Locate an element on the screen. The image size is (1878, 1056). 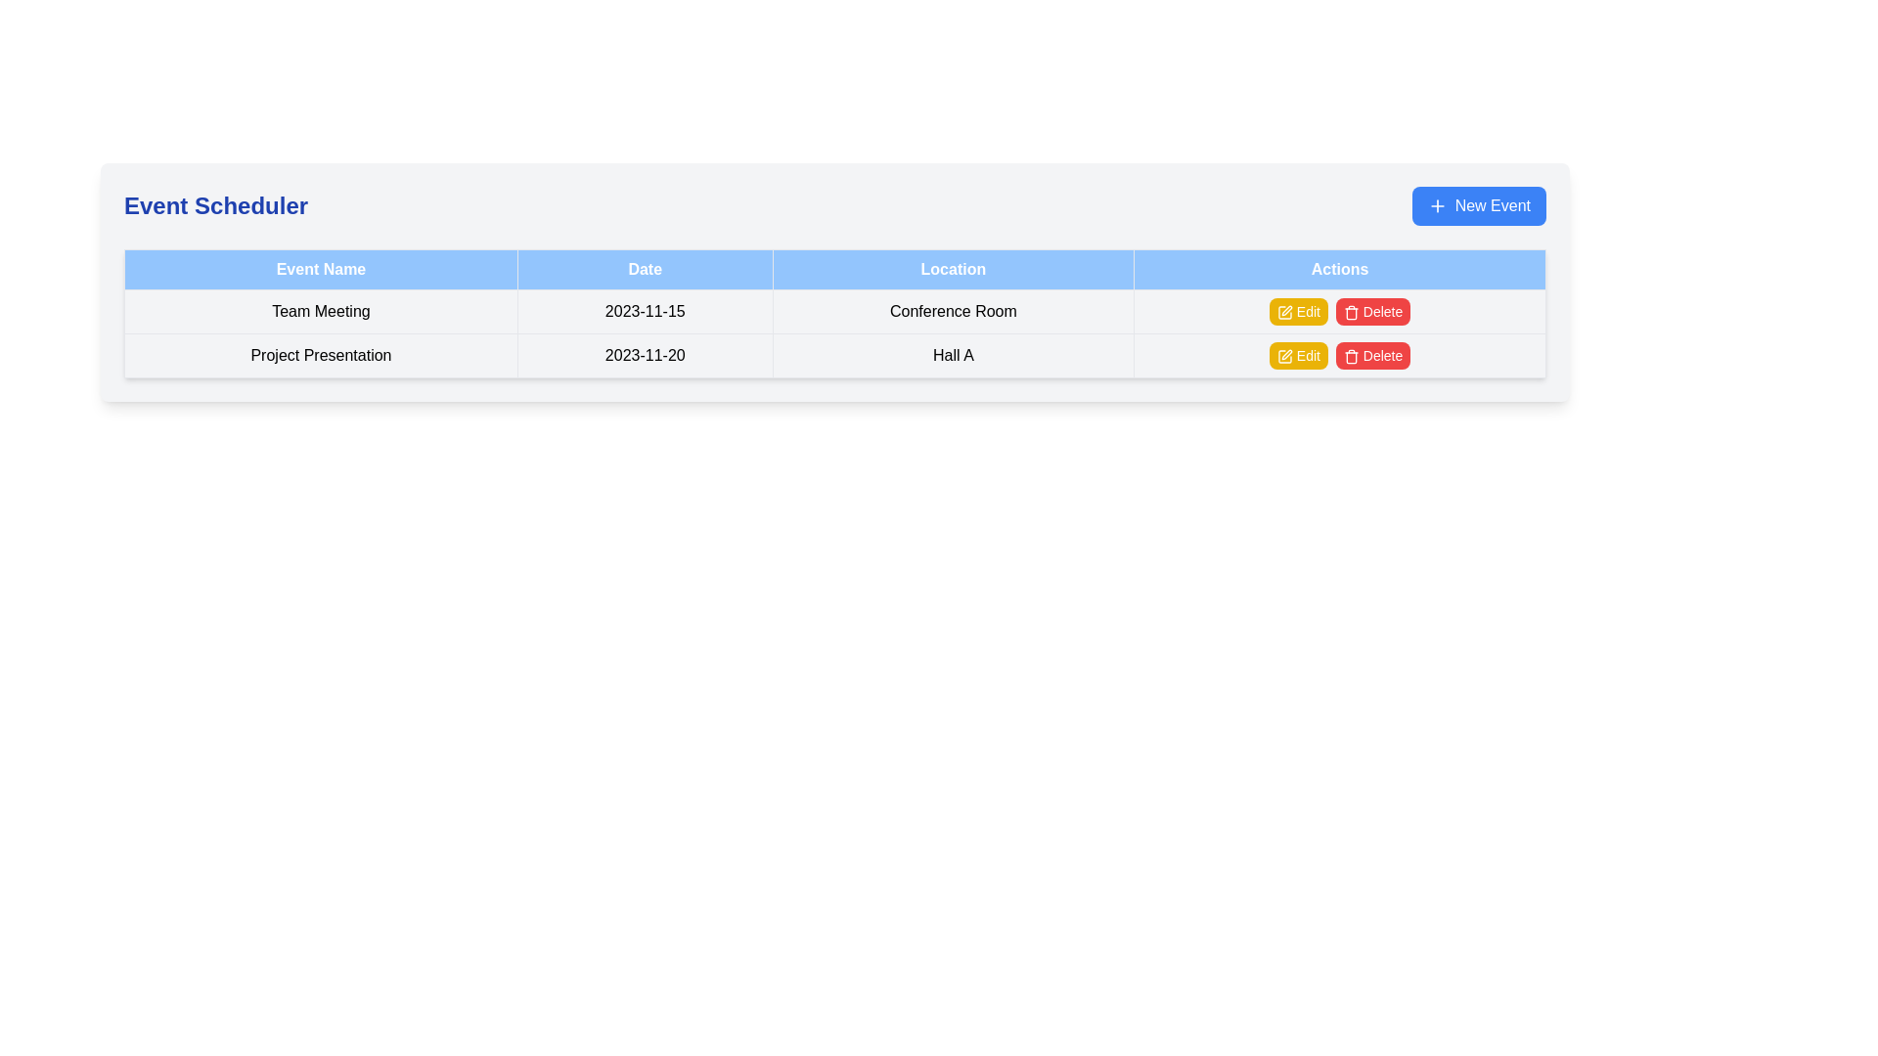
the 'Date' text header element, which is the second heading in a row of four, styled with a light blue background is located at coordinates (645, 270).